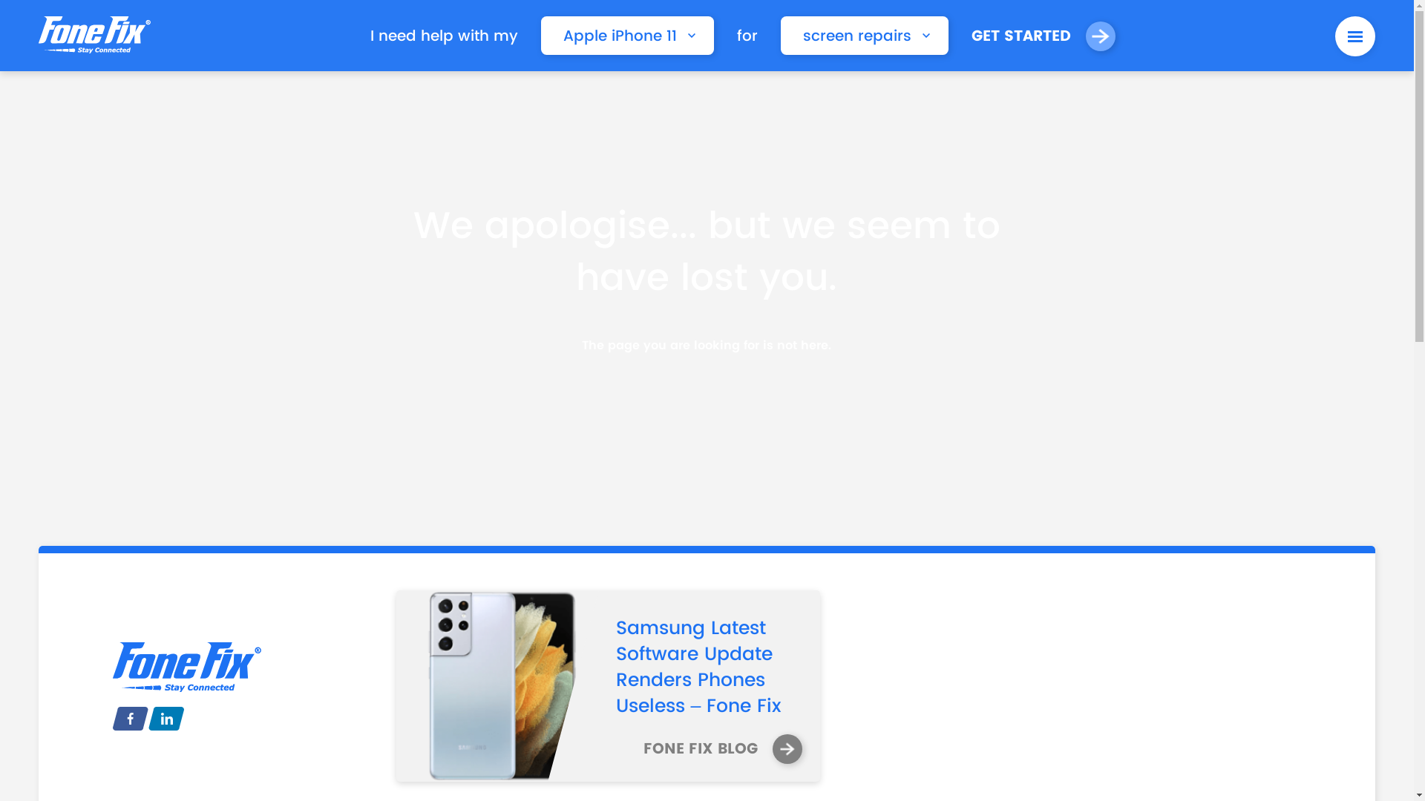 The width and height of the screenshot is (1425, 801). I want to click on 'FONE FIX BLOG', so click(723, 749).